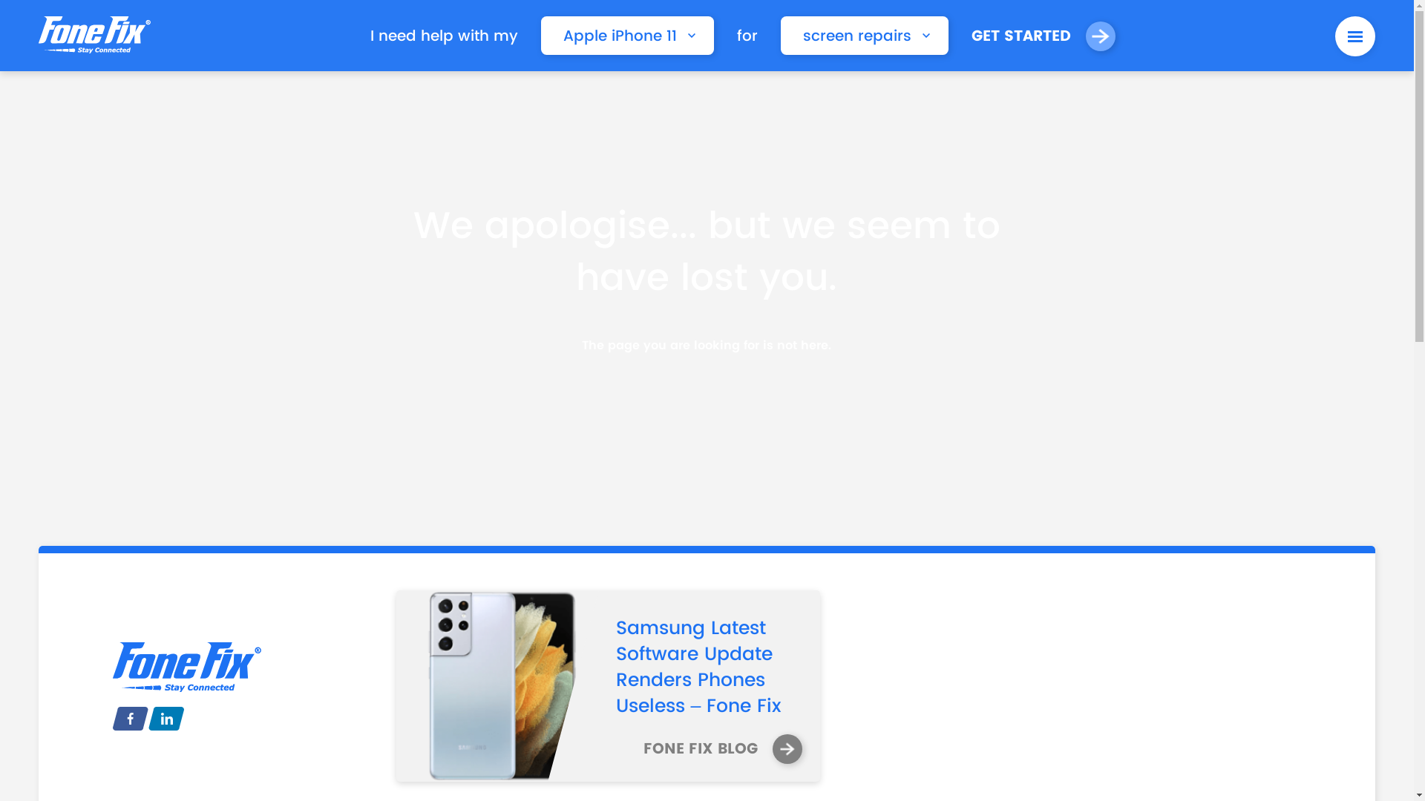 The width and height of the screenshot is (1425, 801). I want to click on 'FONE FIX BLOG', so click(723, 749).